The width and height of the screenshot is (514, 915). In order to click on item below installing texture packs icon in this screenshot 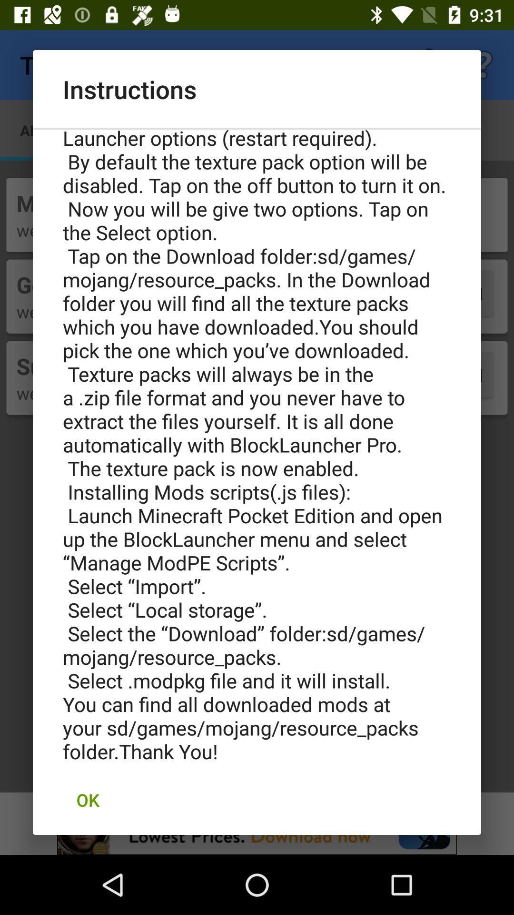, I will do `click(88, 800)`.